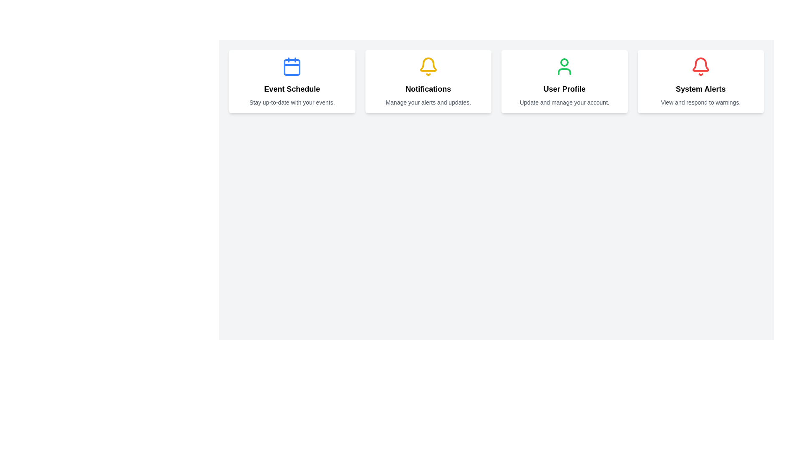 This screenshot has width=801, height=450. Describe the element at coordinates (564, 71) in the screenshot. I see `the lower portion of the user profile icon within the 'User Profile' card, which visually represents a human torso` at that location.